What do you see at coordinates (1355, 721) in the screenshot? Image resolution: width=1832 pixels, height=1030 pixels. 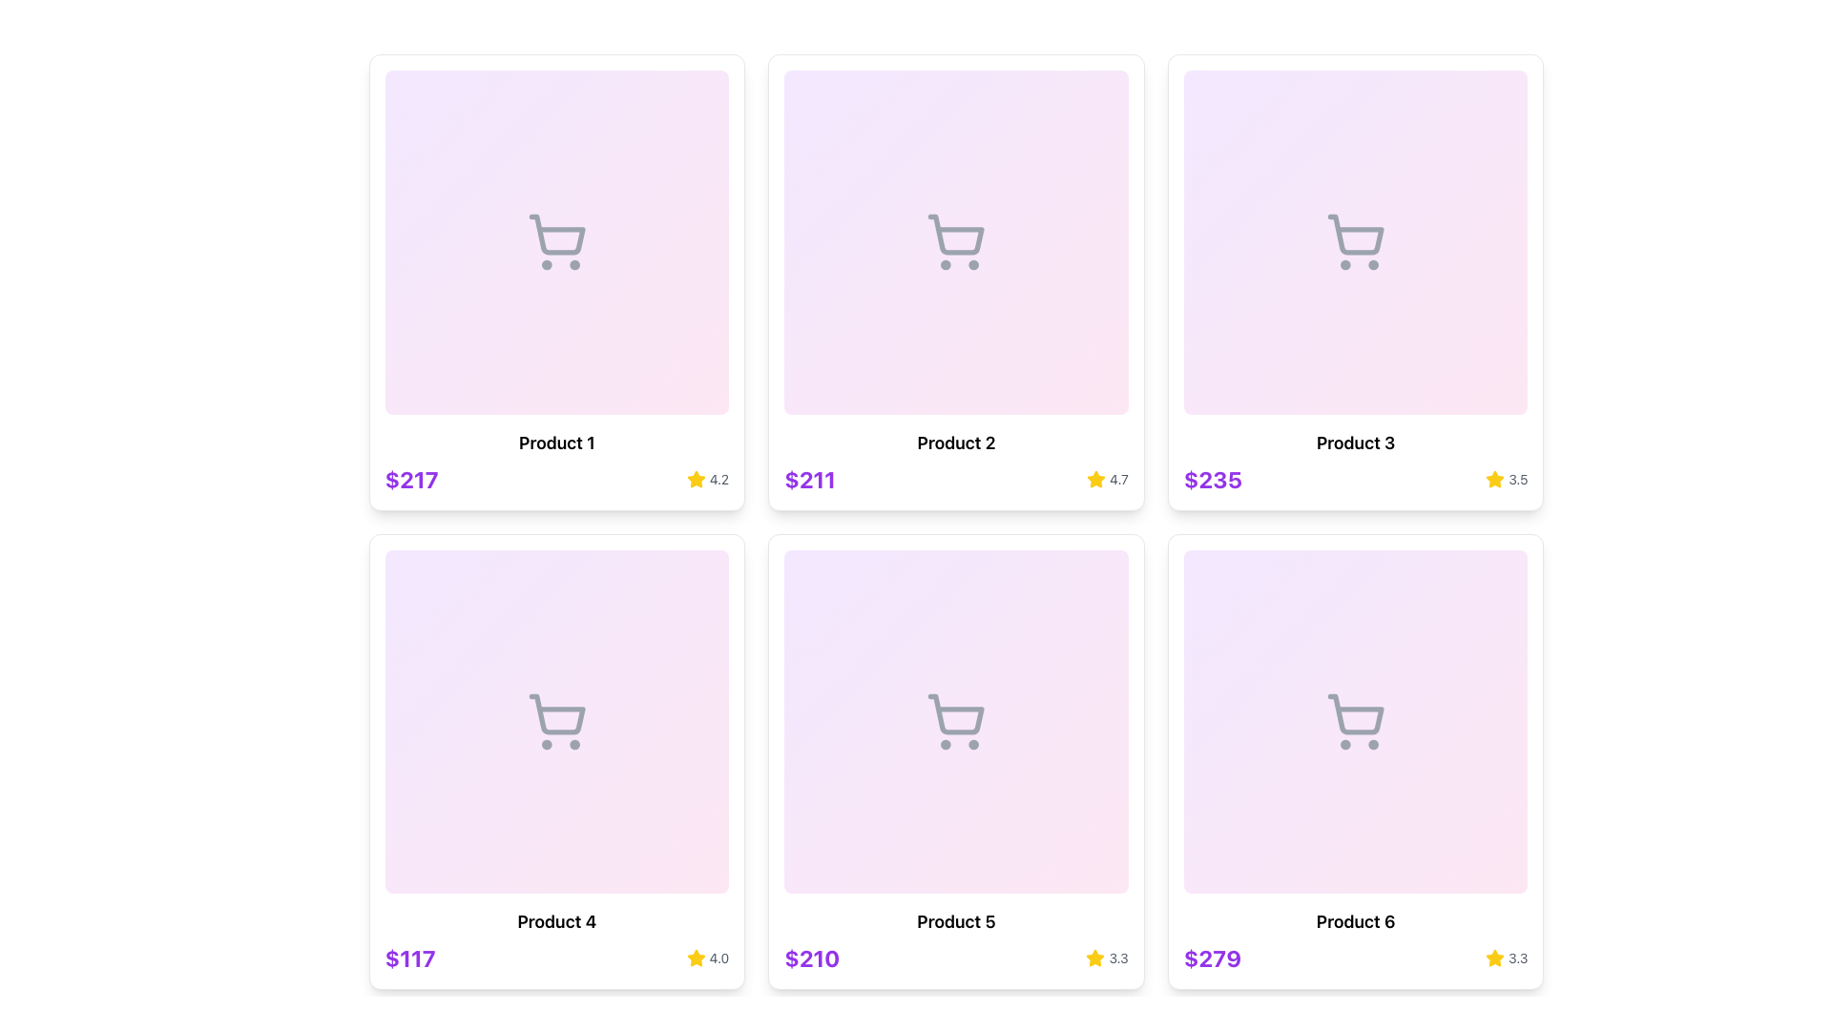 I see `the shopping cart icon located in the sixth product card` at bounding box center [1355, 721].